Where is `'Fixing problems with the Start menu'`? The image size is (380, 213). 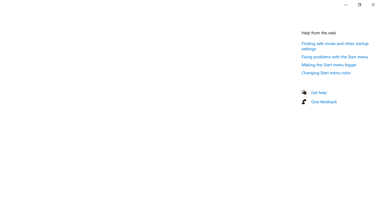
'Fixing problems with the Start menu' is located at coordinates (335, 57).